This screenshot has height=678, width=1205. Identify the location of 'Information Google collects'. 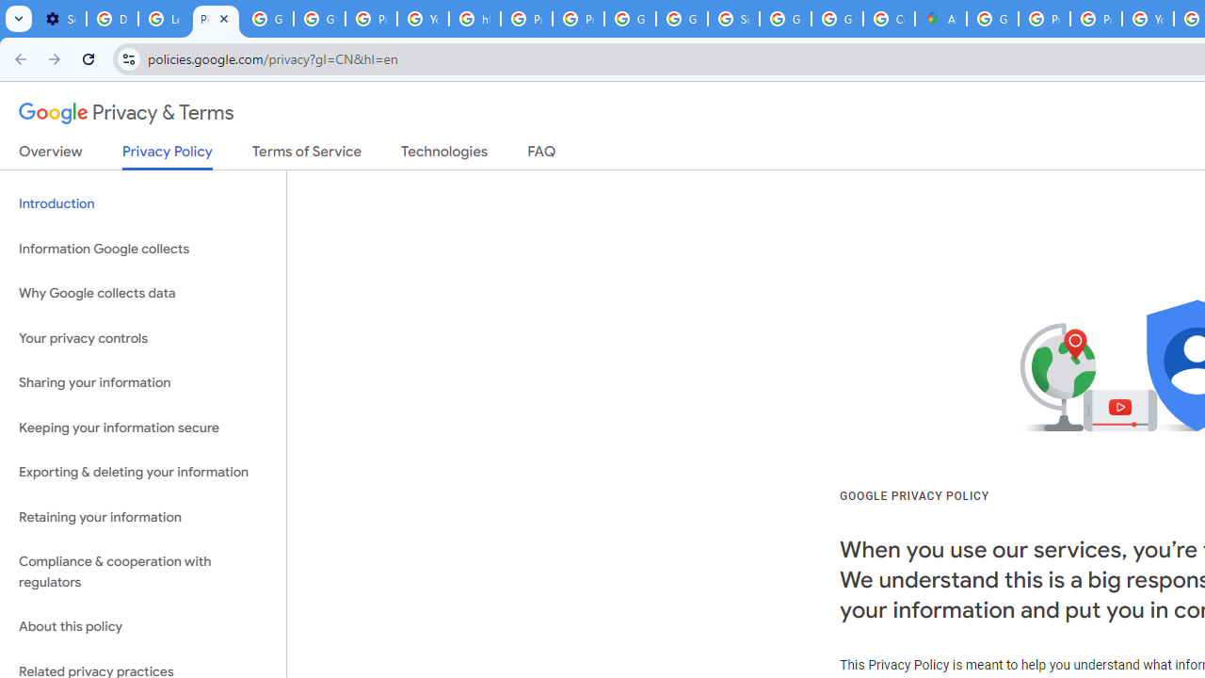
(142, 248).